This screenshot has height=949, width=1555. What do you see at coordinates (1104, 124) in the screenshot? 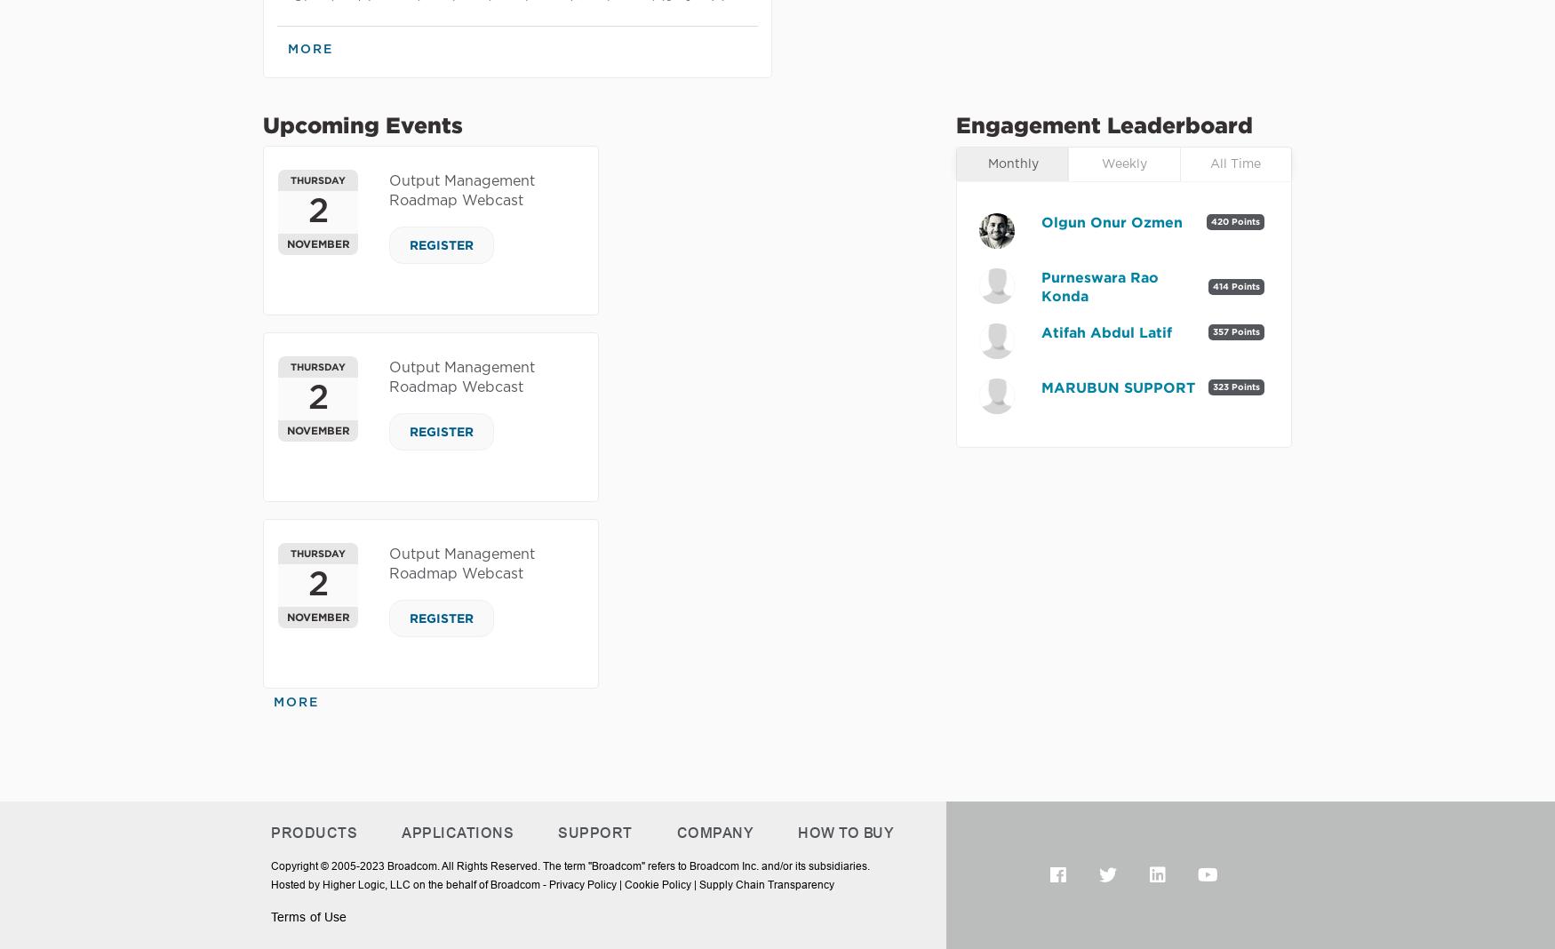
I see `'Engagement Leaderboard'` at bounding box center [1104, 124].